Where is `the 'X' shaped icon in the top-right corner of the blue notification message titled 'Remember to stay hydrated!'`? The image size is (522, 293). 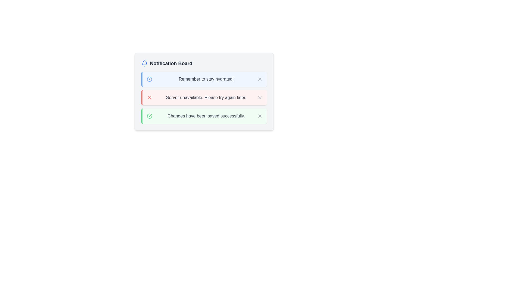
the 'X' shaped icon in the top-right corner of the blue notification message titled 'Remember to stay hydrated!' is located at coordinates (259, 79).